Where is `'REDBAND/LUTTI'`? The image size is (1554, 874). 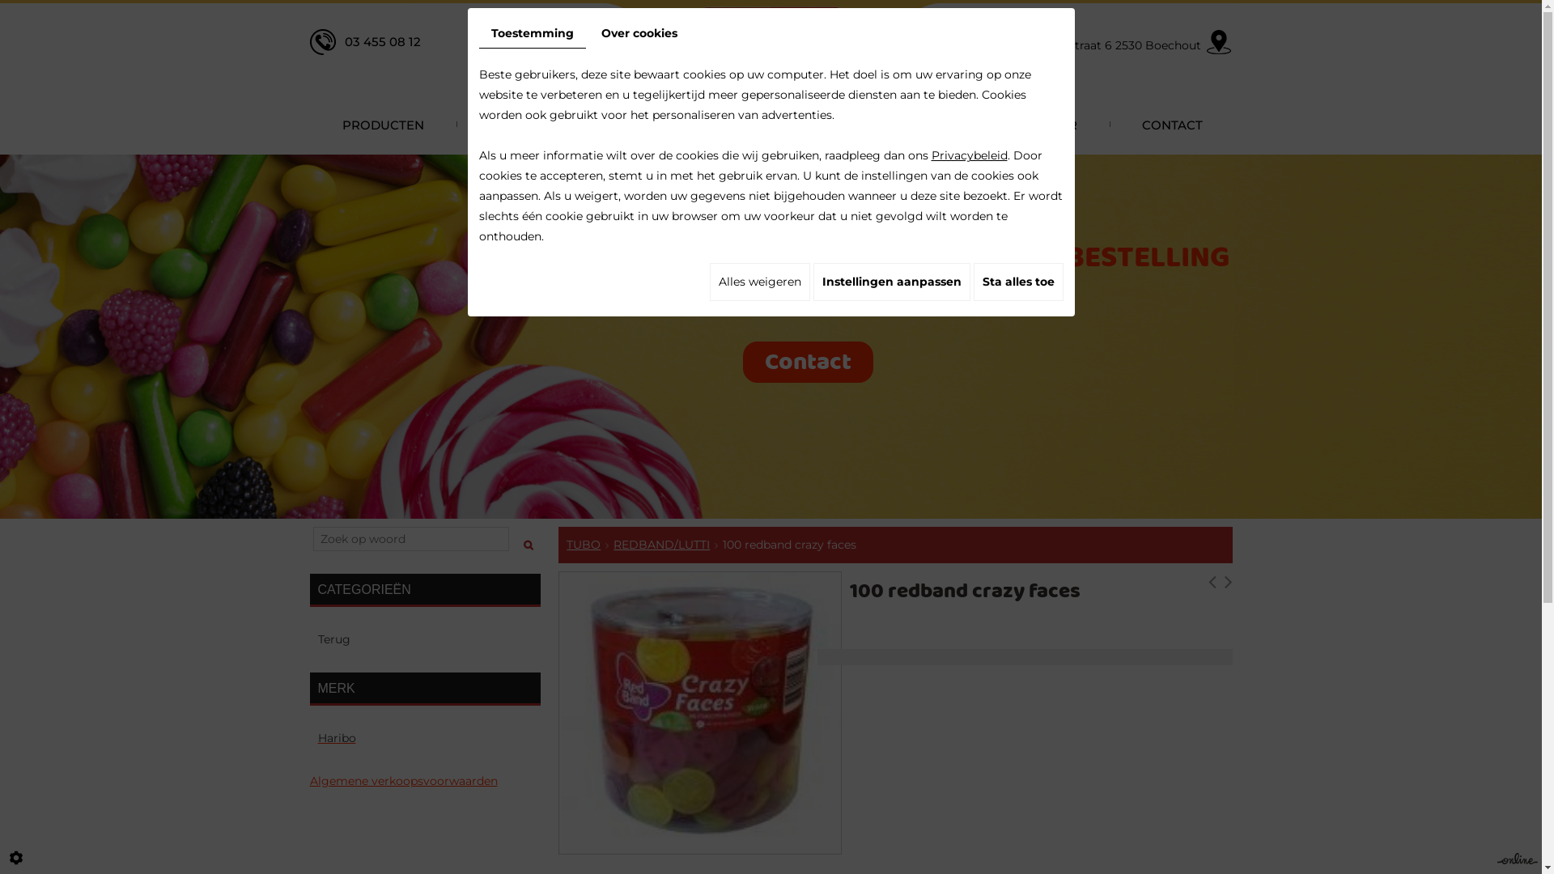
'REDBAND/LUTTI' is located at coordinates (661, 544).